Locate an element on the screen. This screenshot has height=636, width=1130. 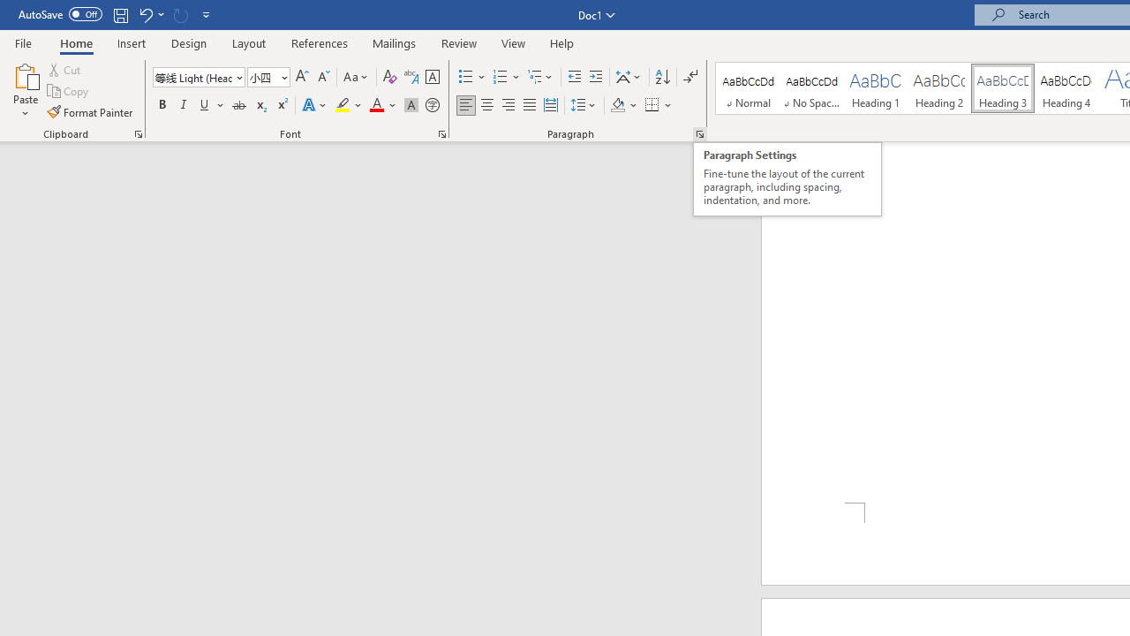
'Increase Indent' is located at coordinates (596, 76).